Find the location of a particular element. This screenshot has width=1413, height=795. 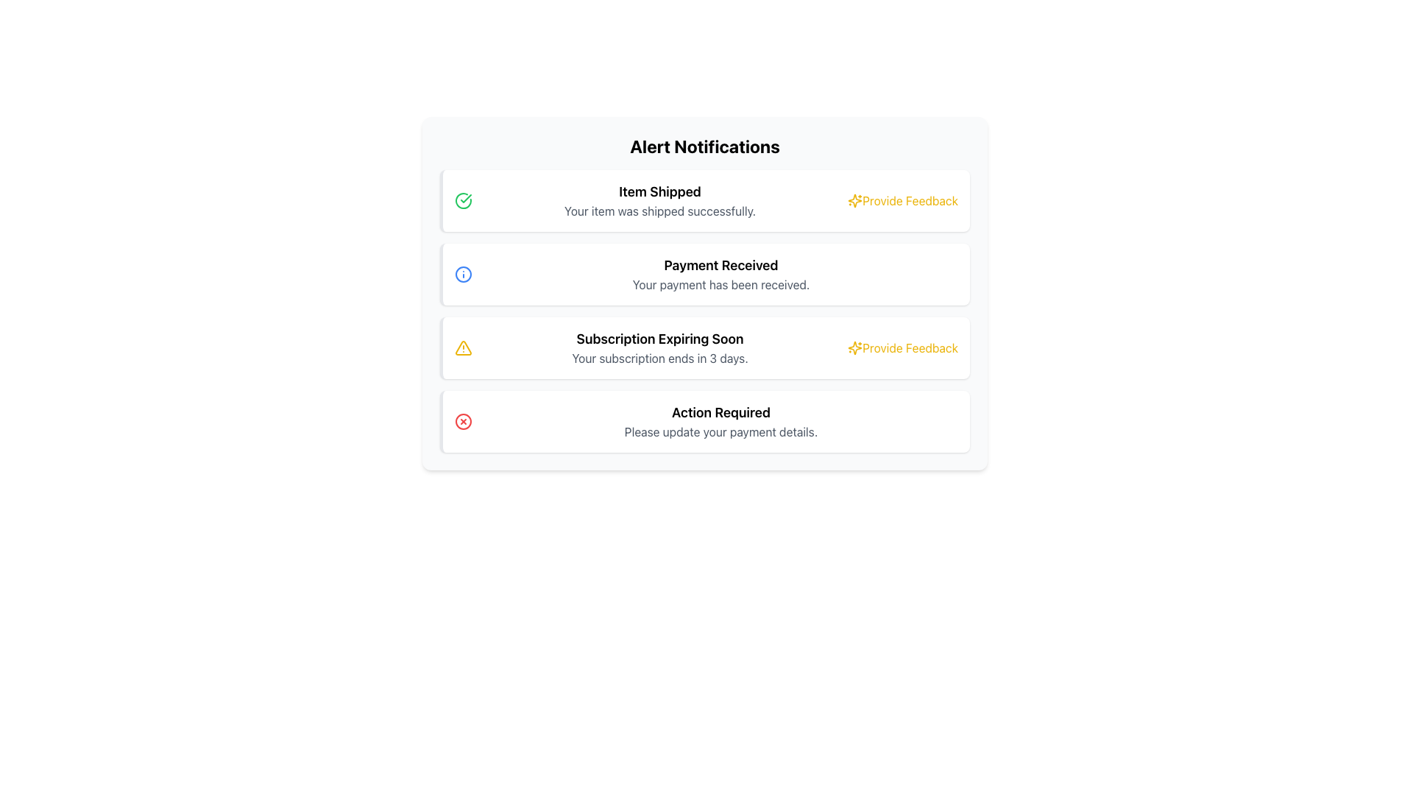

the sparkling star-shaped icon in orange-yellow color located before the 'Provide Feedback' text in the 'Item Shipped' notification card is located at coordinates (855, 201).